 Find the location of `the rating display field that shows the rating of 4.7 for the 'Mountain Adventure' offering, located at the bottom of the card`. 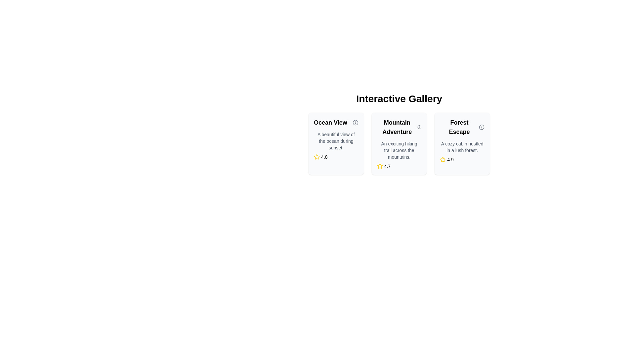

the rating display field that shows the rating of 4.7 for the 'Mountain Adventure' offering, located at the bottom of the card is located at coordinates (399, 166).